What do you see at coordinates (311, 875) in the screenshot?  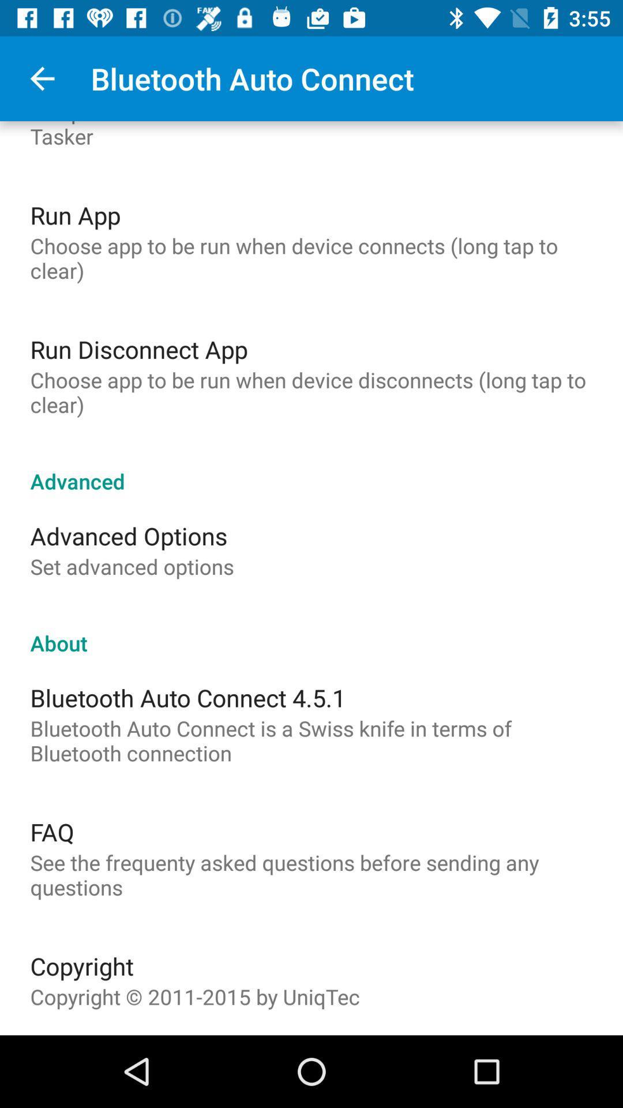 I see `see the frequenty icon` at bounding box center [311, 875].